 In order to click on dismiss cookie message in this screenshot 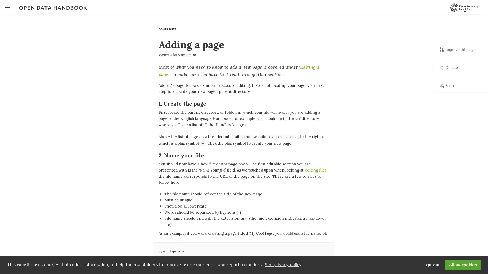, I will do `click(463, 265)`.